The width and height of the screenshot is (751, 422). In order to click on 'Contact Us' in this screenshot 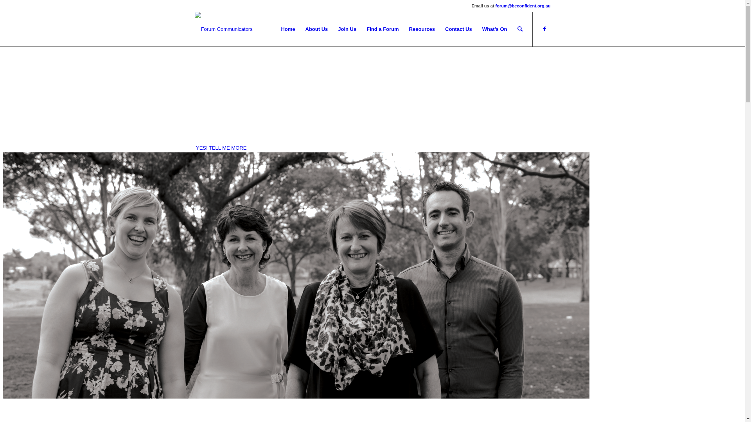, I will do `click(440, 29)`.